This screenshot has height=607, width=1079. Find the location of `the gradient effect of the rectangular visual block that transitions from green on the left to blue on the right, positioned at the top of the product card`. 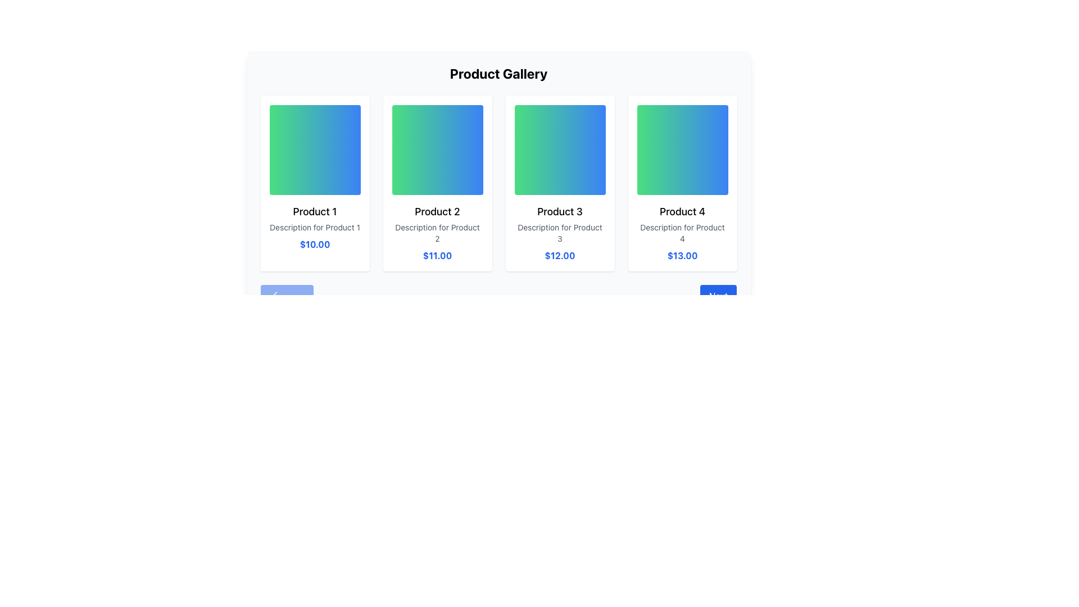

the gradient effect of the rectangular visual block that transitions from green on the left to blue on the right, positioned at the top of the product card is located at coordinates (315, 149).